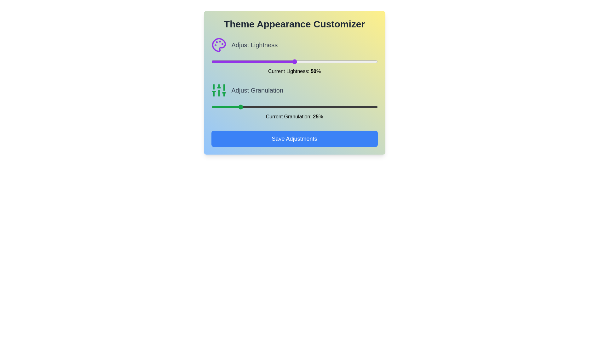 This screenshot has height=340, width=605. I want to click on the lightness slider to 9%, so click(226, 62).